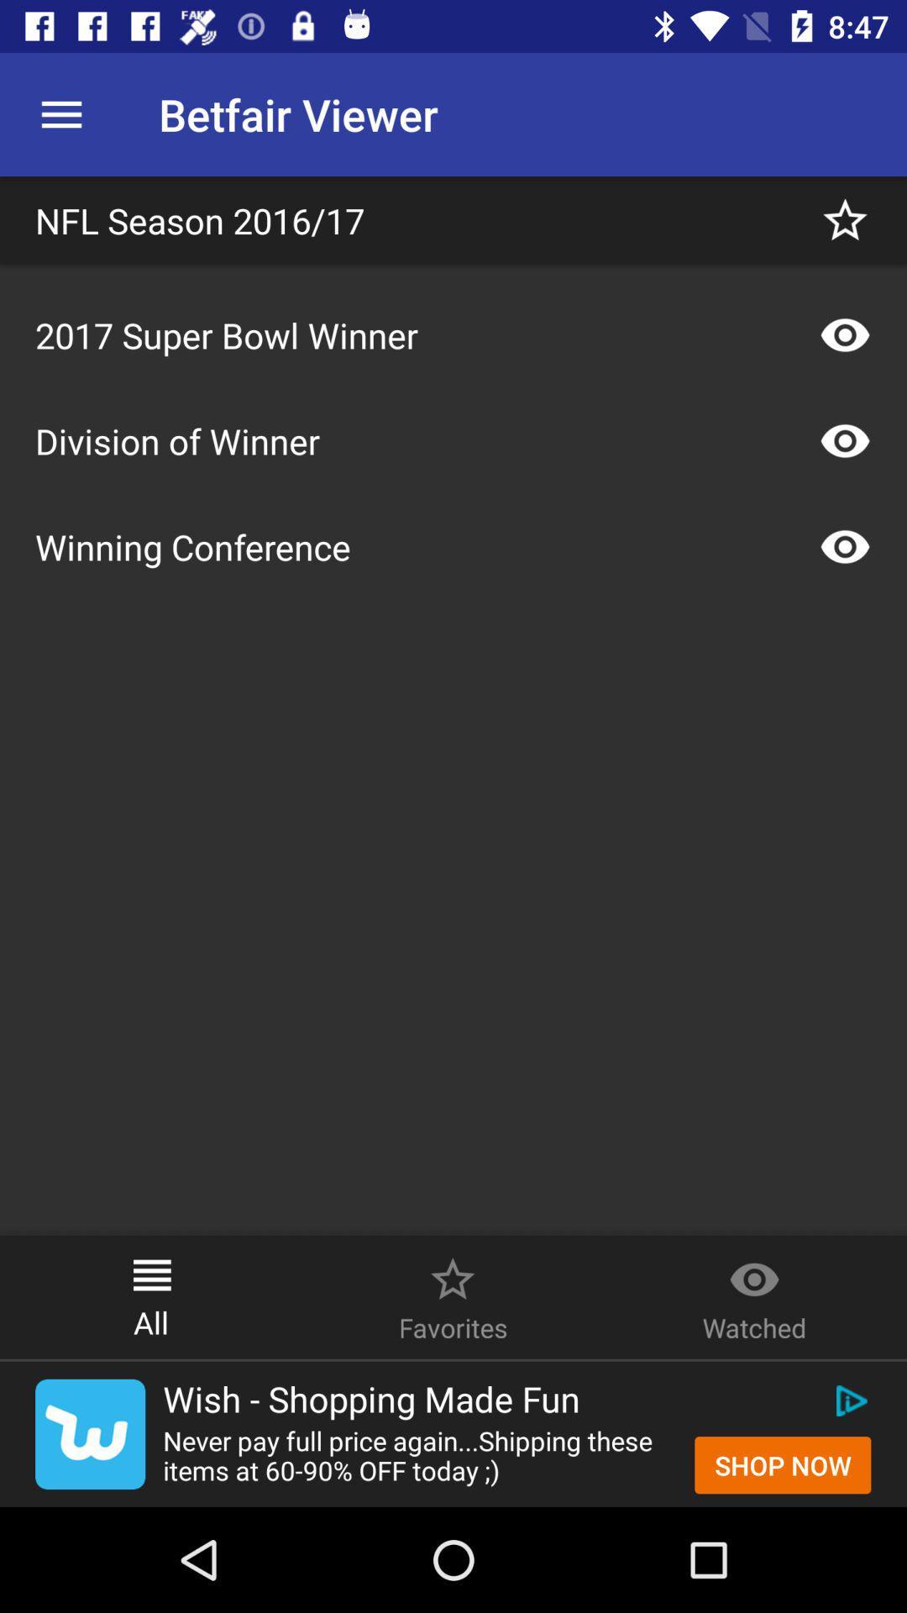  What do you see at coordinates (845, 547) in the screenshot?
I see `visualize element` at bounding box center [845, 547].